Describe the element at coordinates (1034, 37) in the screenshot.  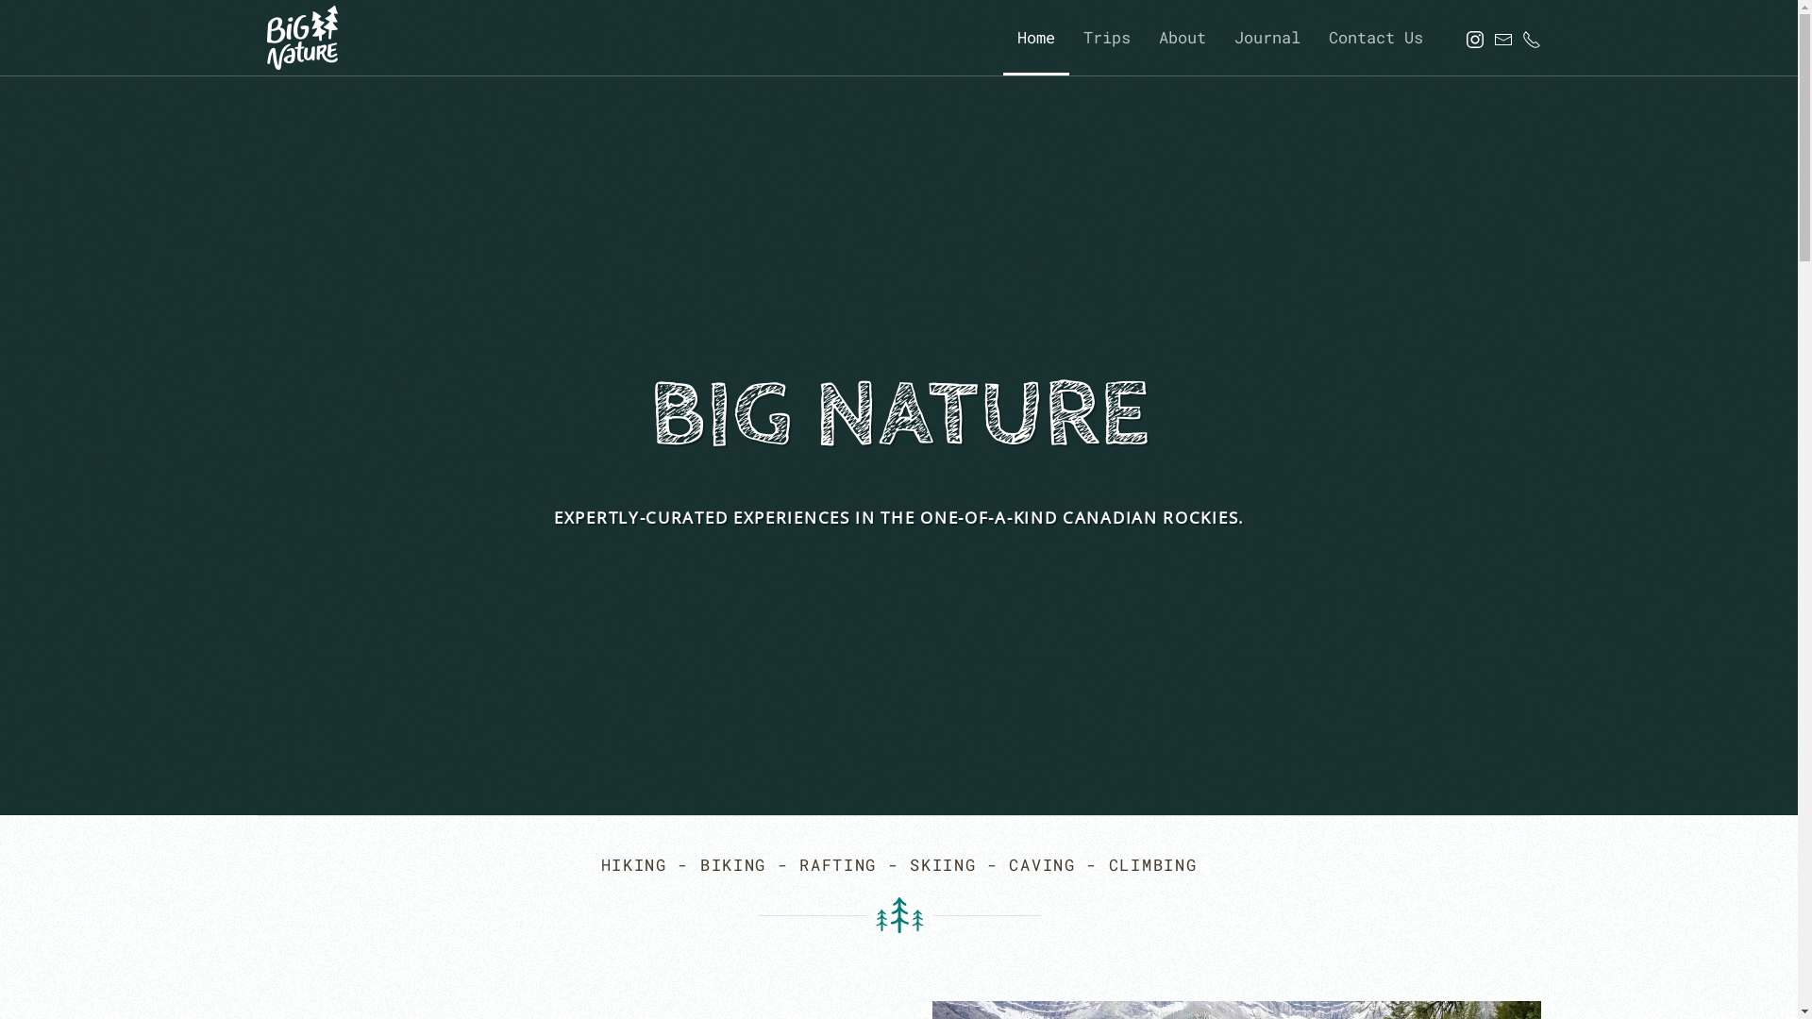
I see `'Home'` at that location.